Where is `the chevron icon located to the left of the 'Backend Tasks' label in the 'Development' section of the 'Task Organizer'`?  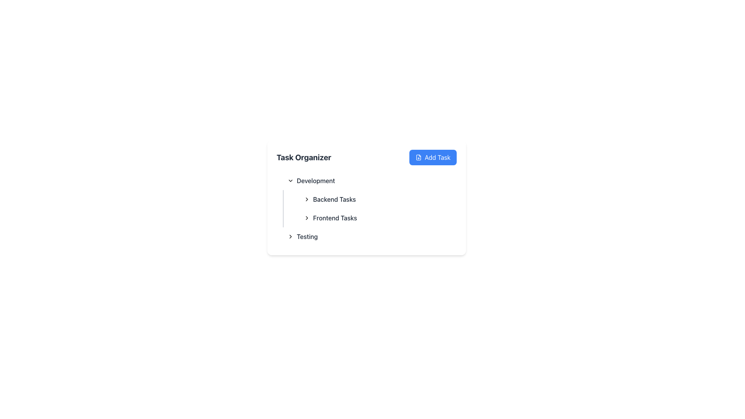
the chevron icon located to the left of the 'Backend Tasks' label in the 'Development' section of the 'Task Organizer' is located at coordinates (307, 199).